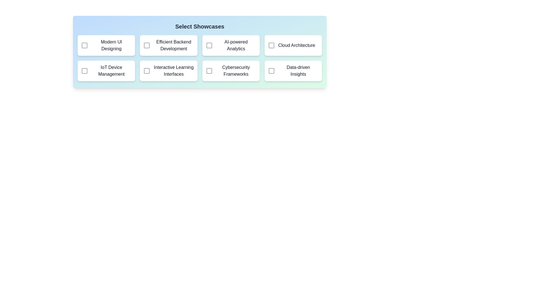 This screenshot has width=543, height=305. Describe the element at coordinates (168, 70) in the screenshot. I see `the showcase item labeled 'Interactive Learning Interfaces' to observe the hover effect` at that location.